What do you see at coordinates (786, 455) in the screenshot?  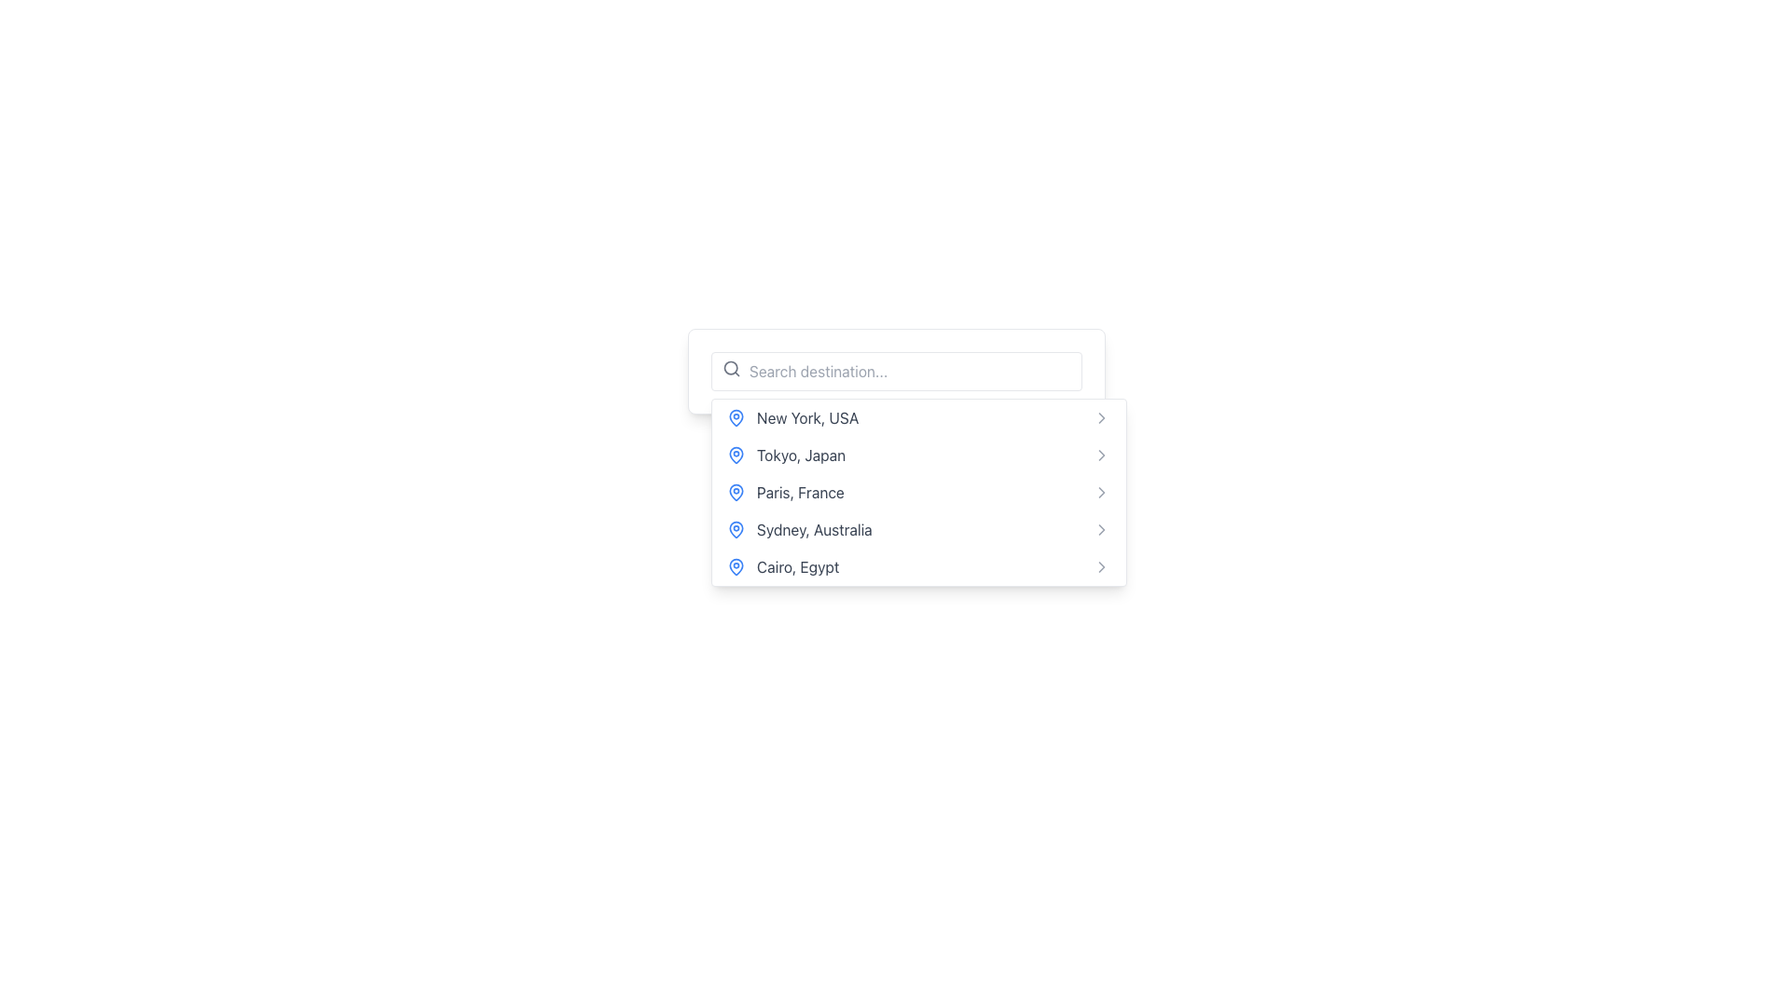 I see `the 'Tokyo, Japan' dropdown list item` at bounding box center [786, 455].